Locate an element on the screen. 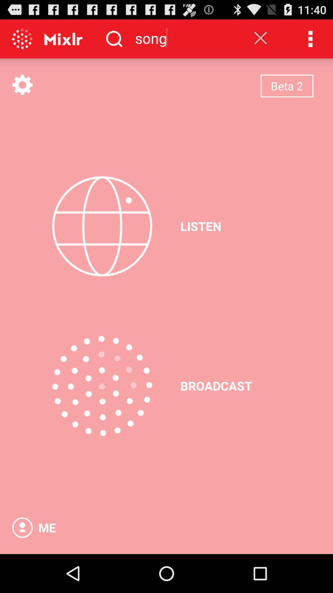 This screenshot has width=333, height=593. the item above me item is located at coordinates (102, 385).